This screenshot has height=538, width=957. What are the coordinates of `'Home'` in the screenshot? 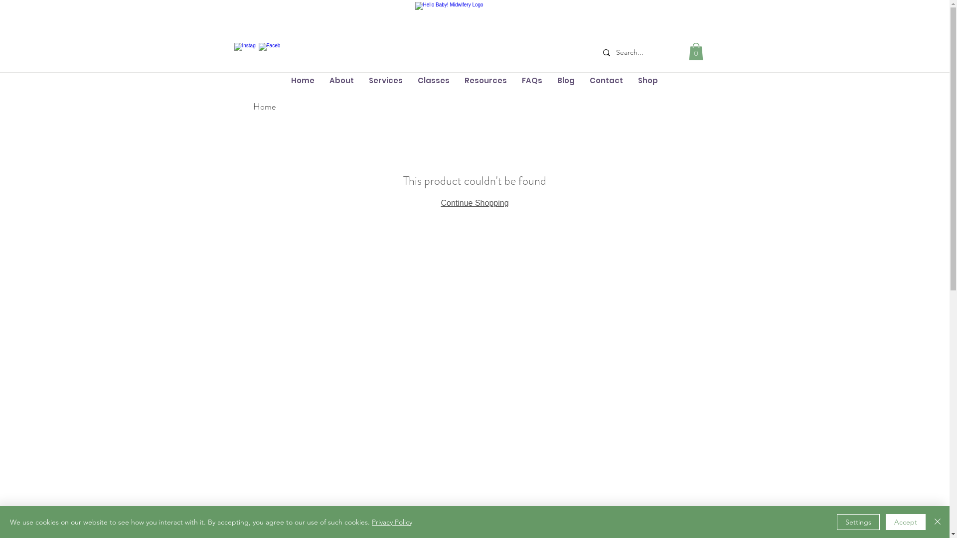 It's located at (282, 80).